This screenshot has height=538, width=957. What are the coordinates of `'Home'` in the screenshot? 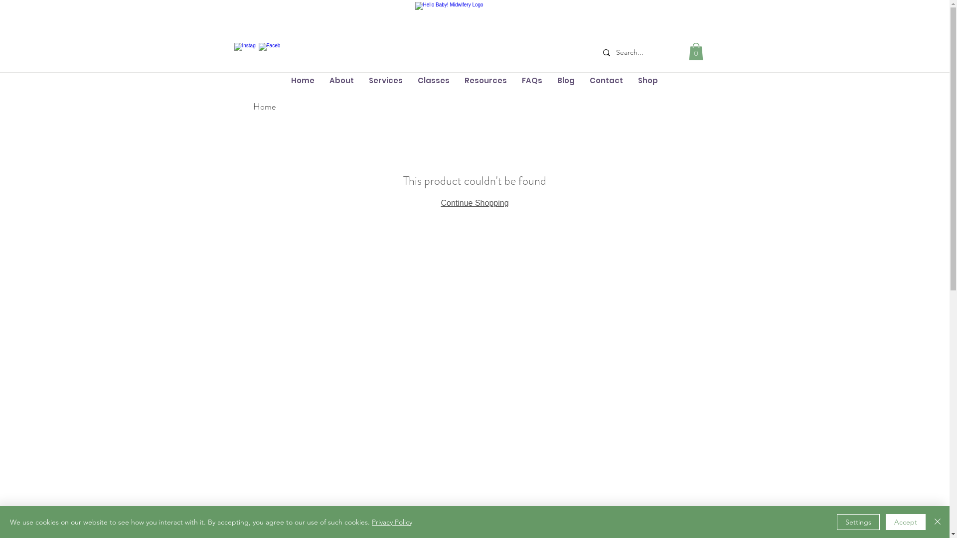 It's located at (282, 80).